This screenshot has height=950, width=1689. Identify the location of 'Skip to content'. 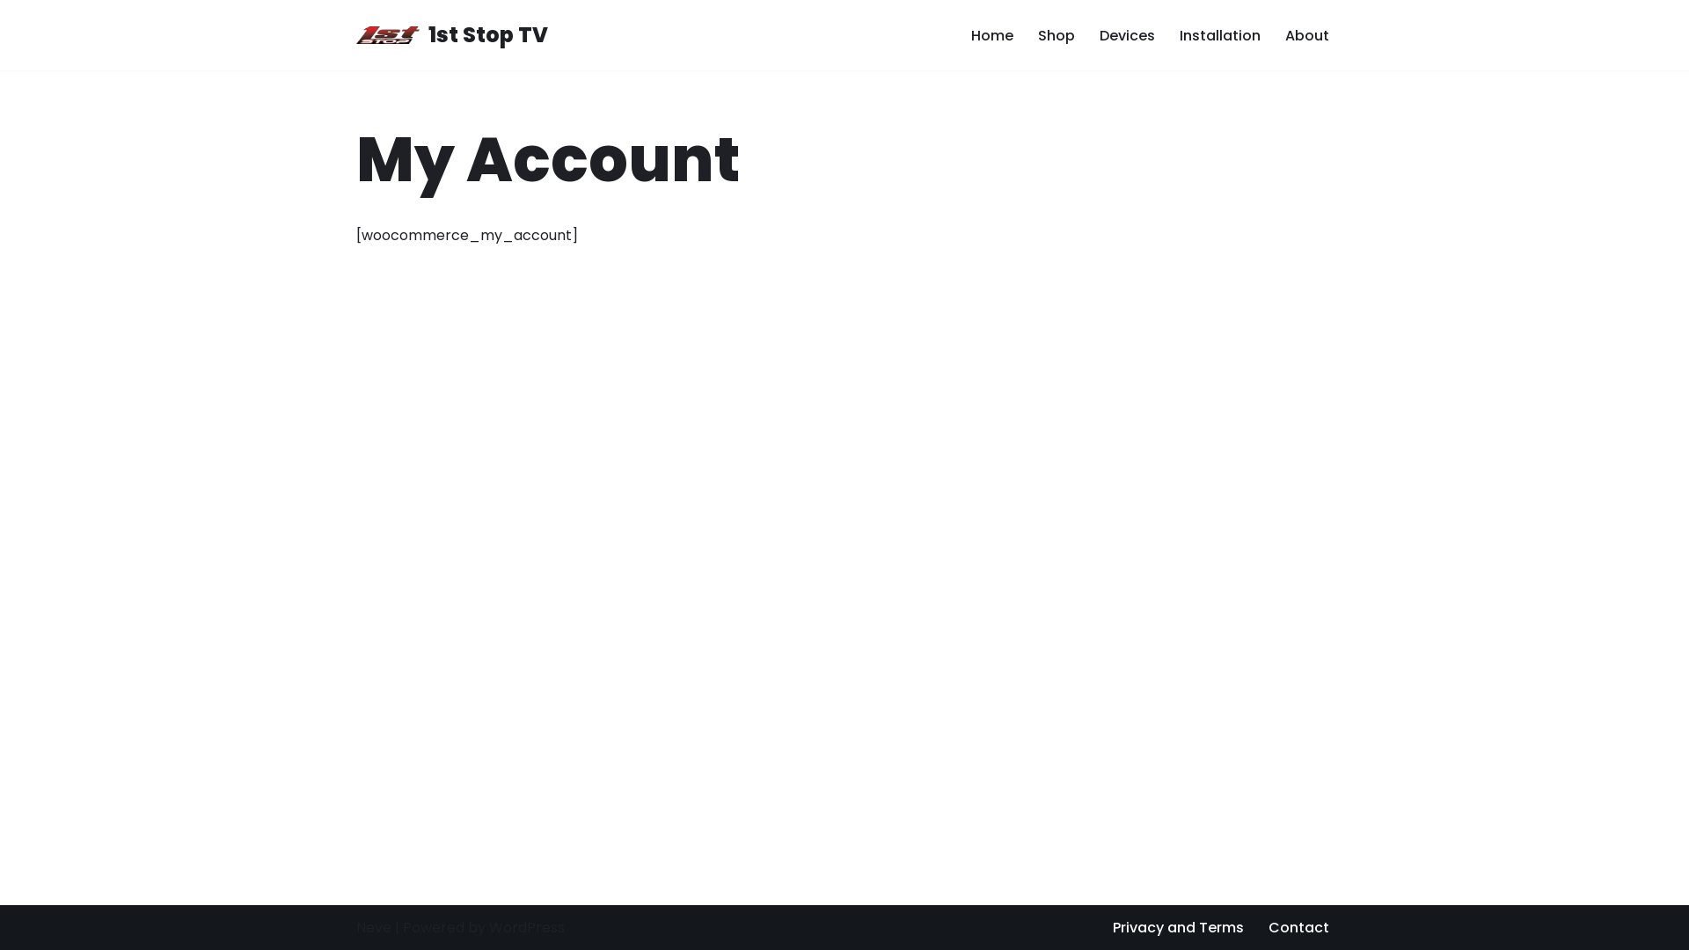
(12, 37).